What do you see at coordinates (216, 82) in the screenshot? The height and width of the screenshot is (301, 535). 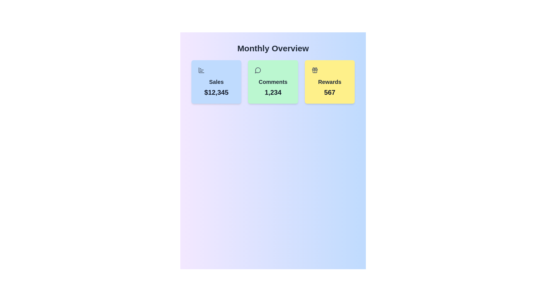 I see `the first Information display card that summarizes sales figures, located on the leftmost side of the row in the upper part of the layout` at bounding box center [216, 82].